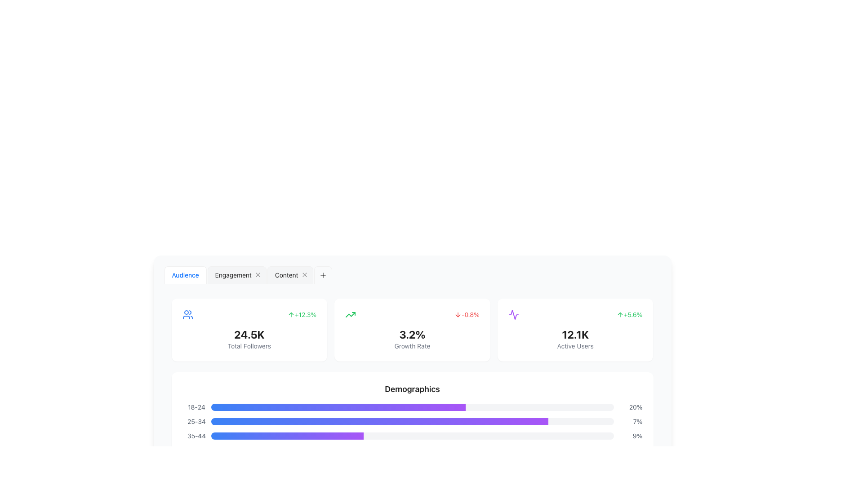 The height and width of the screenshot is (485, 863). I want to click on properties of the Progress bar indicator for the age group 25-34, which features a gradient color scheme from blue to purple and is located to the right of the age label '25-34', so click(412, 421).